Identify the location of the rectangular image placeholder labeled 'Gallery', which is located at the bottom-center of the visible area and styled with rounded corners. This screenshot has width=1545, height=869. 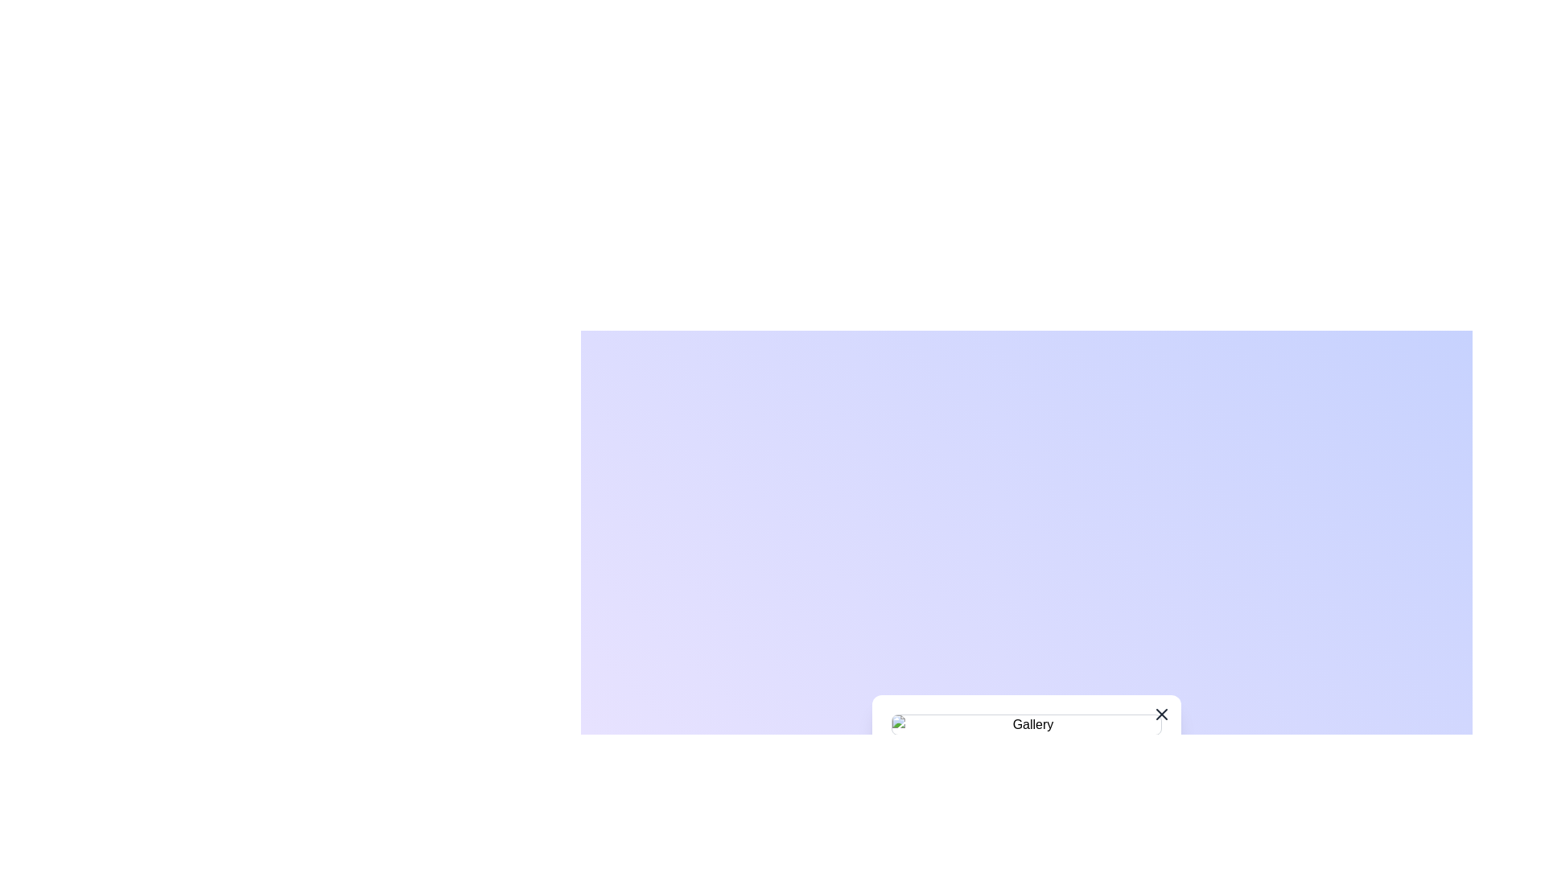
(1026, 725).